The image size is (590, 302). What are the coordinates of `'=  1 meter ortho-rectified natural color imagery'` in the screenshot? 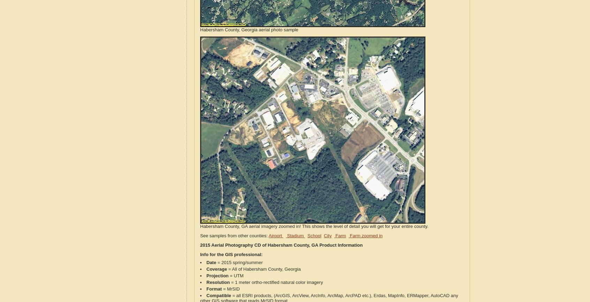 It's located at (276, 282).